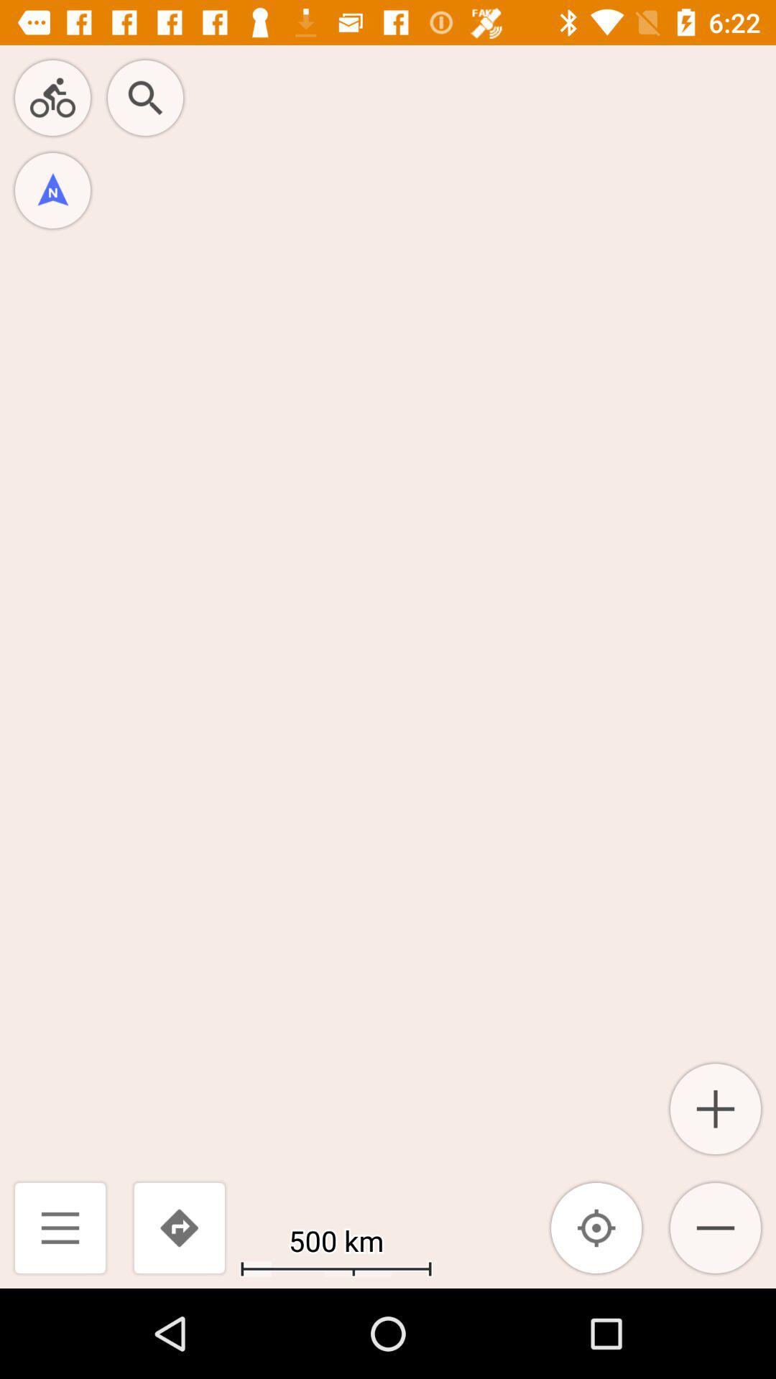 This screenshot has width=776, height=1379. What do you see at coordinates (52, 97) in the screenshot?
I see `the share icon` at bounding box center [52, 97].